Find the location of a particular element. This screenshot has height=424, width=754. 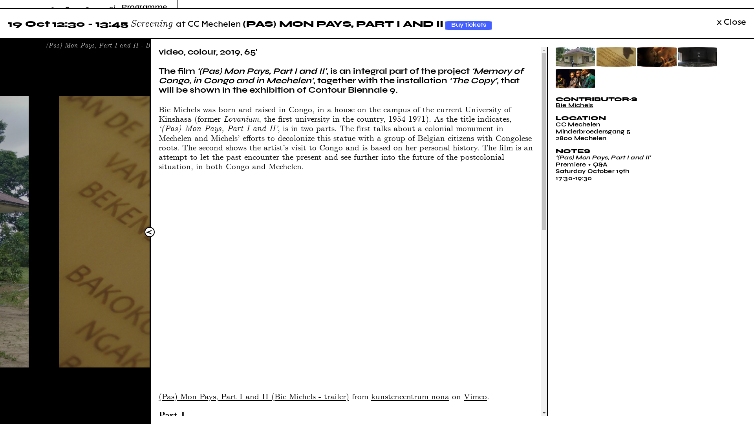

'Vimeo' is located at coordinates (463, 396).